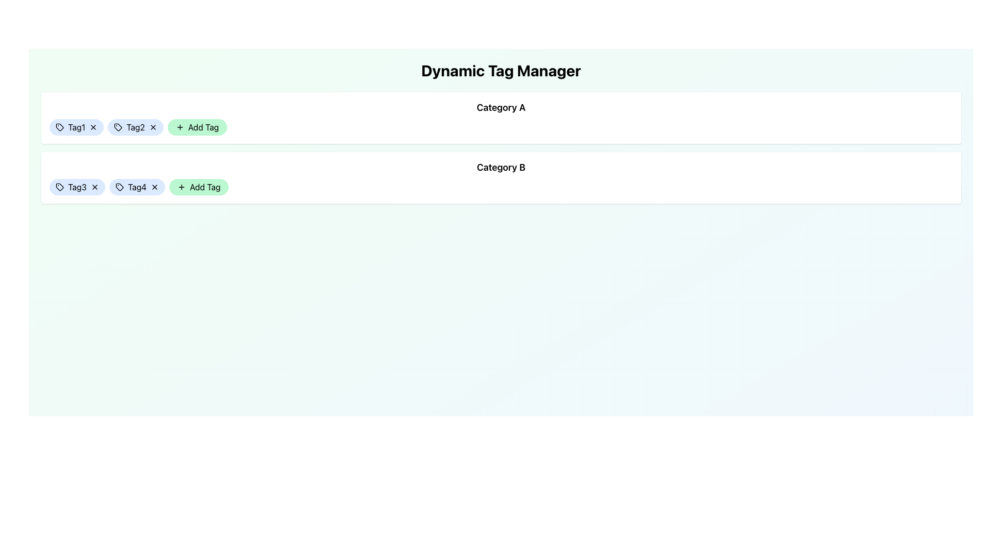 The width and height of the screenshot is (991, 557). What do you see at coordinates (180, 126) in the screenshot?
I see `the plus sign icon located within the green 'Add Tag' button in the first row under 'Category A'` at bounding box center [180, 126].